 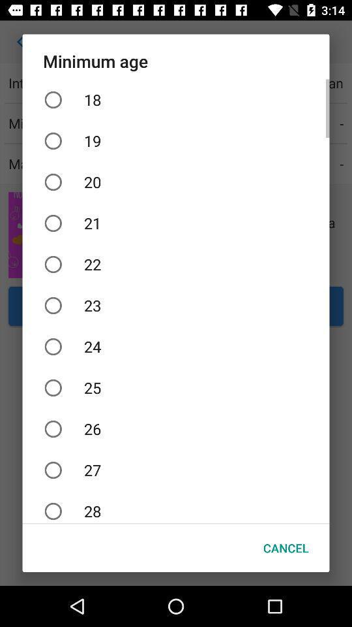 What do you see at coordinates (285, 548) in the screenshot?
I see `the icon below the 28 icon` at bounding box center [285, 548].